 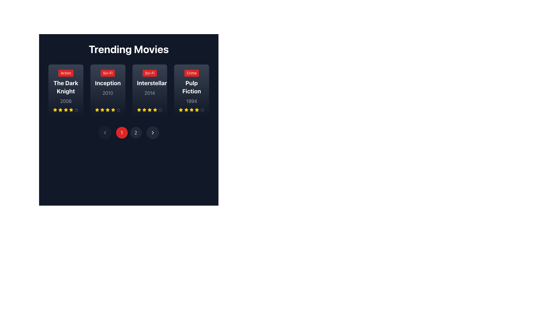 I want to click on the third star icon representing the rating level for the 'Interstellar' movie in the 'Trending Movies' section, so click(x=155, y=110).